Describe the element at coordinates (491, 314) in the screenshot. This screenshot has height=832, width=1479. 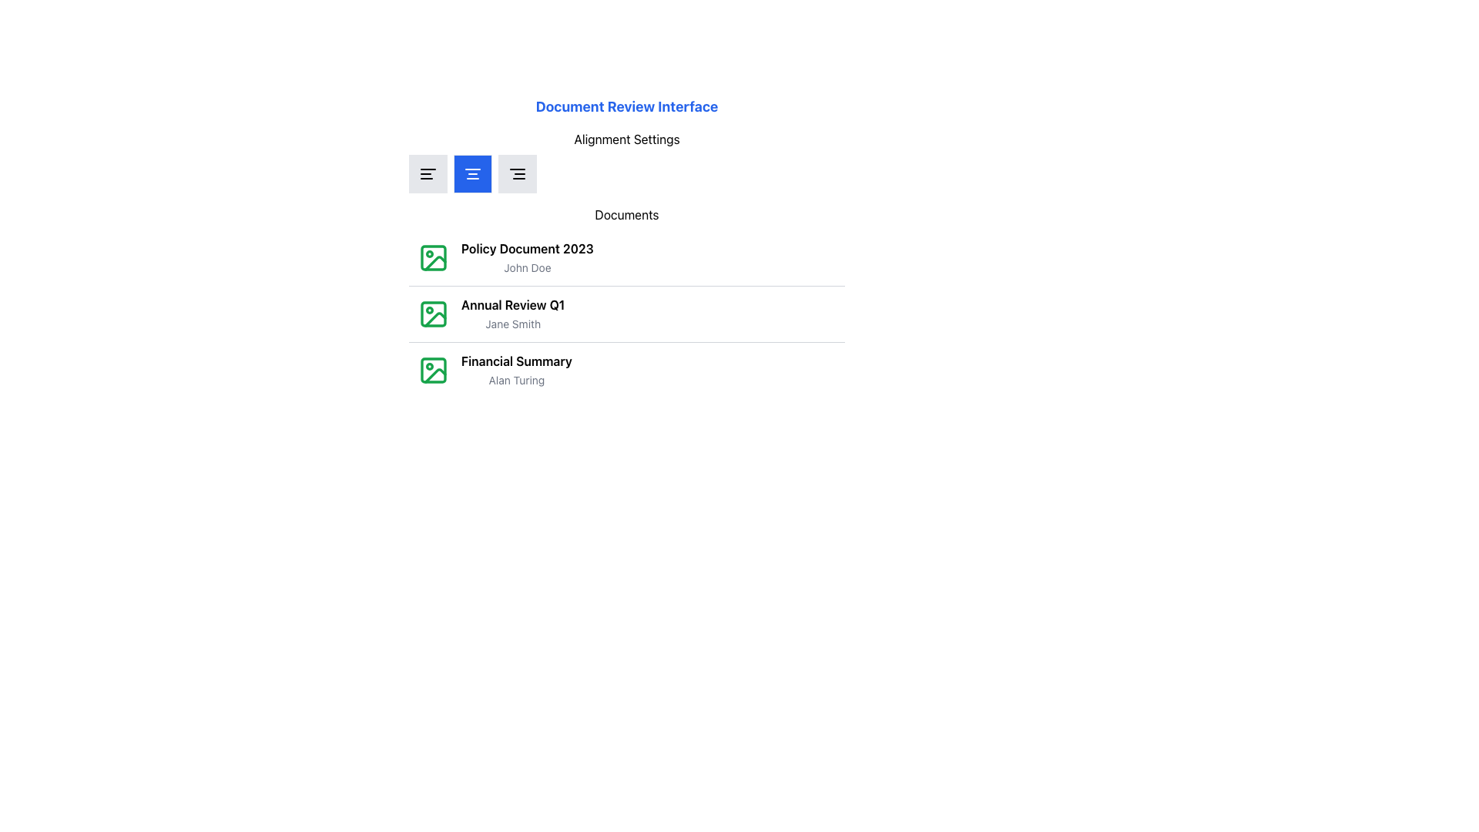
I see `the second entry in the 'Documents' section, which displays information about 'Annual Review Q1'` at that location.